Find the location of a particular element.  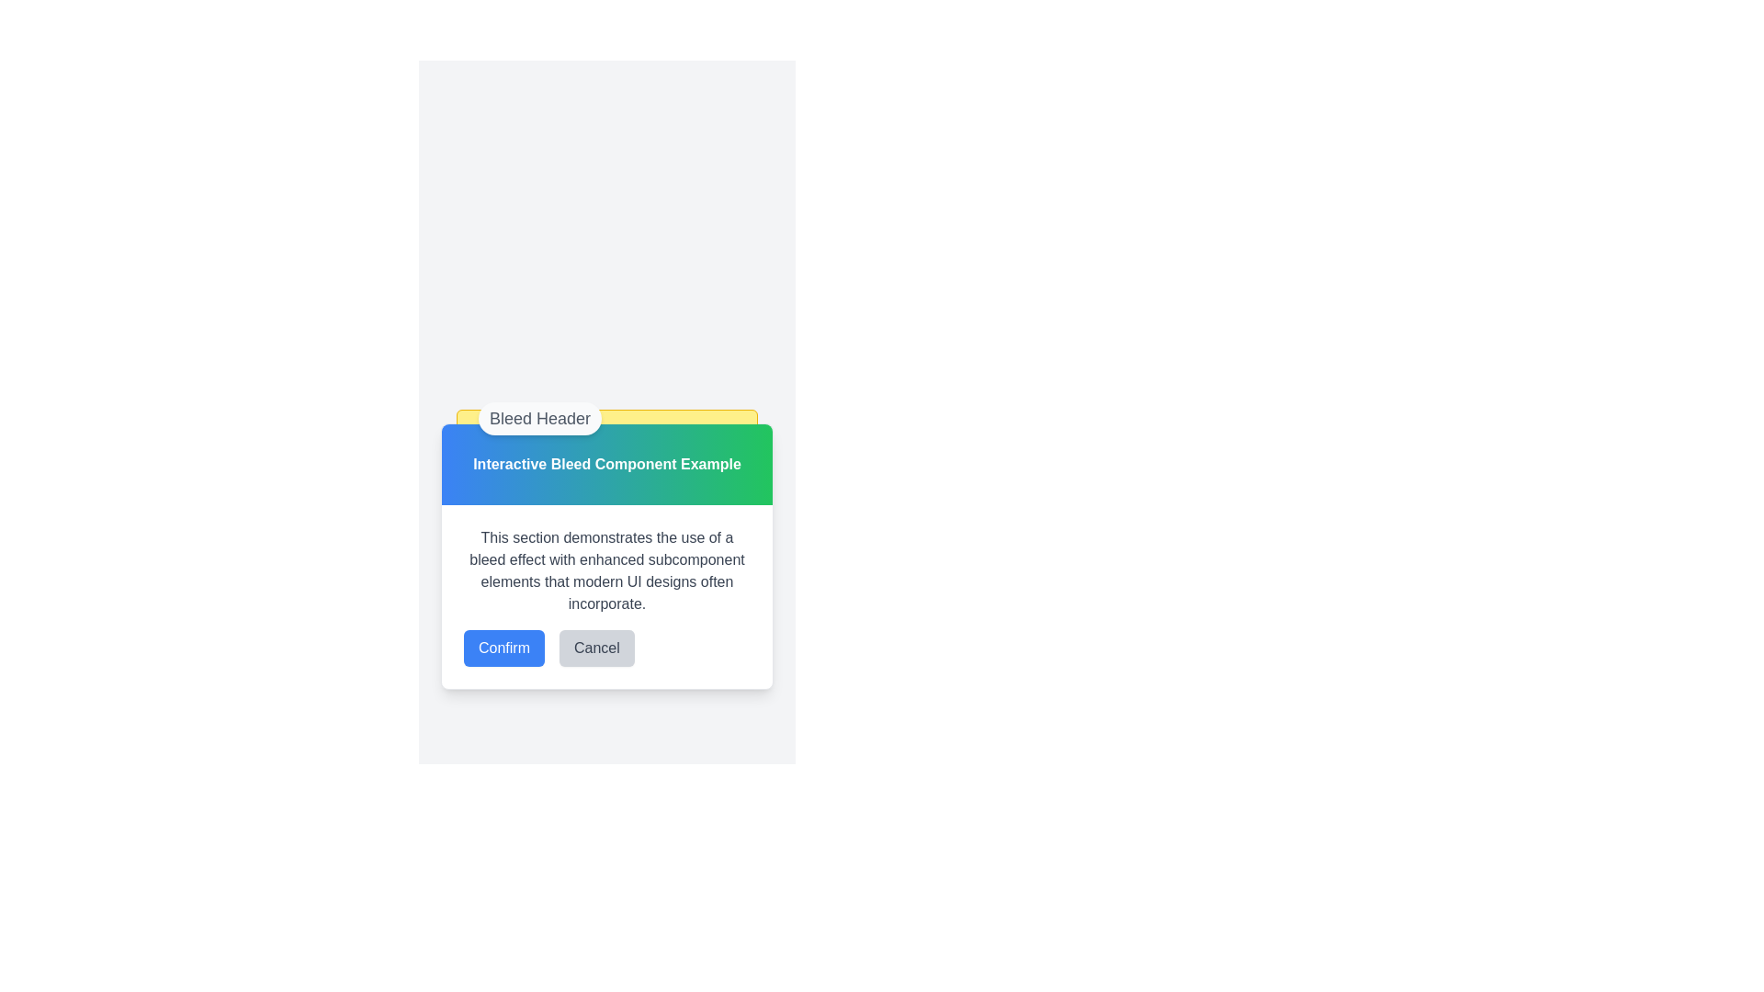

the 'Cancel' button, which is a small rectangular button with a gray background and dark gray text, located to the right of the 'Confirm' button is located at coordinates (607, 647).